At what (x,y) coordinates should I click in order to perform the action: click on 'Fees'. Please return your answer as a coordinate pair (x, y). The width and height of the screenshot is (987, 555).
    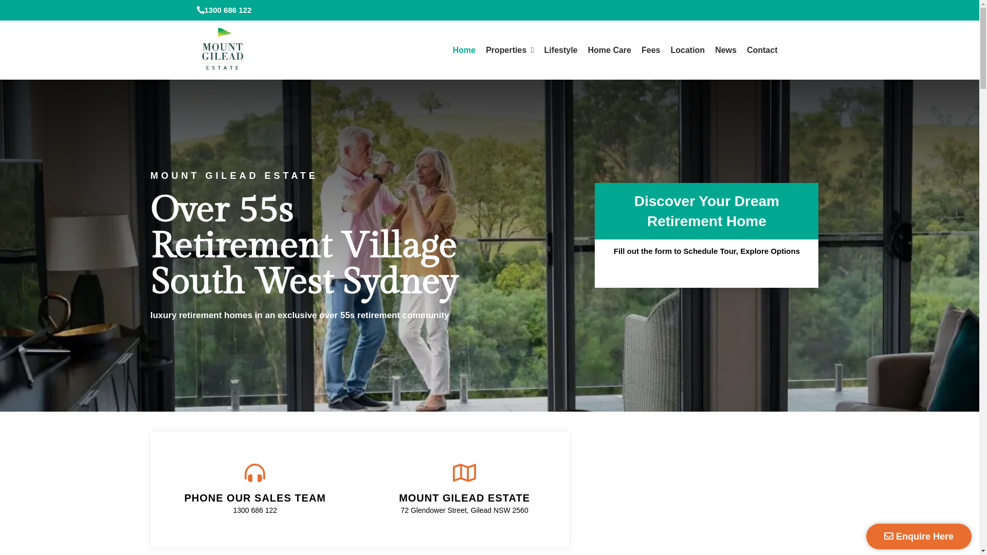
    Looking at the image, I should click on (650, 50).